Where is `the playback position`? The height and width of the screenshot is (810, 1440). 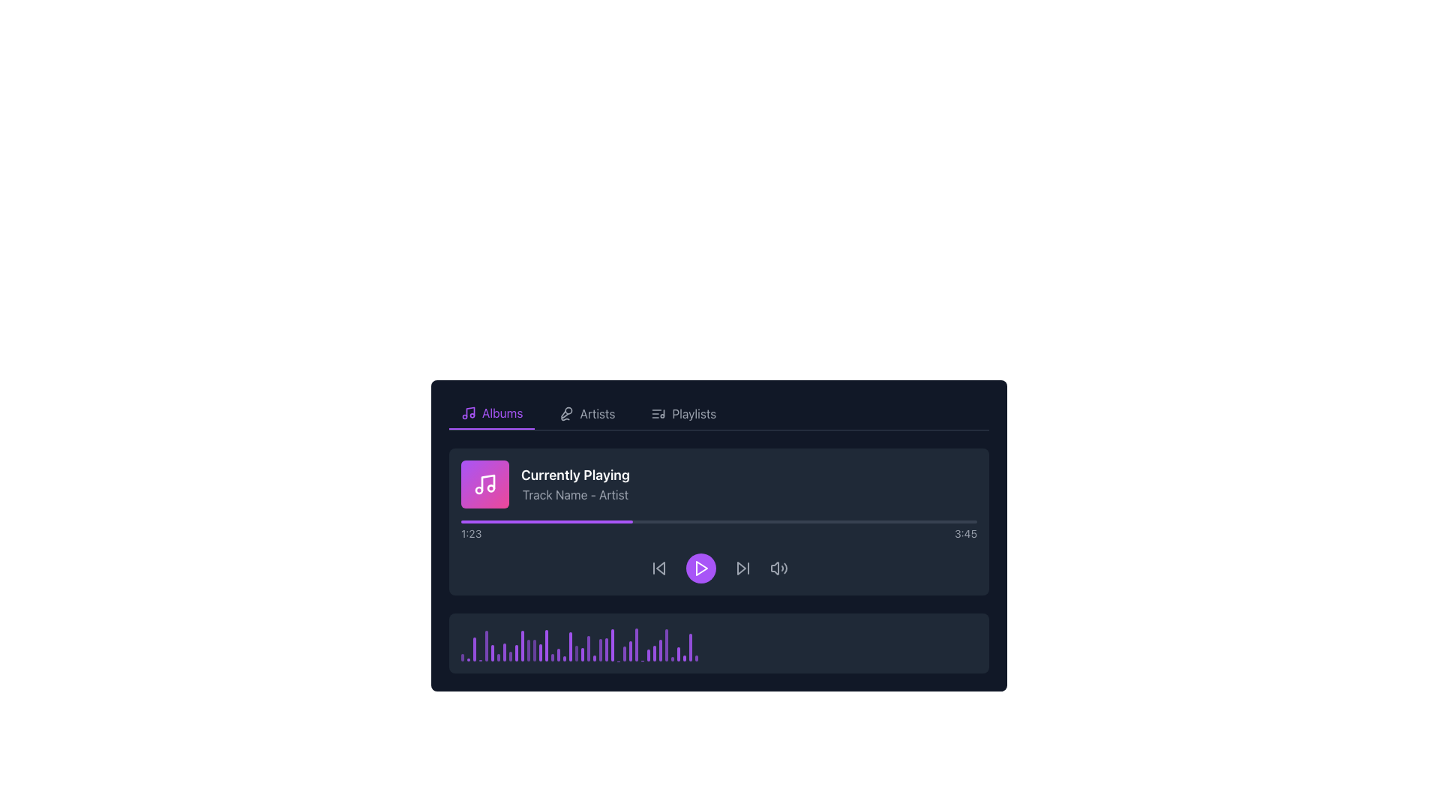
the playback position is located at coordinates (761, 520).